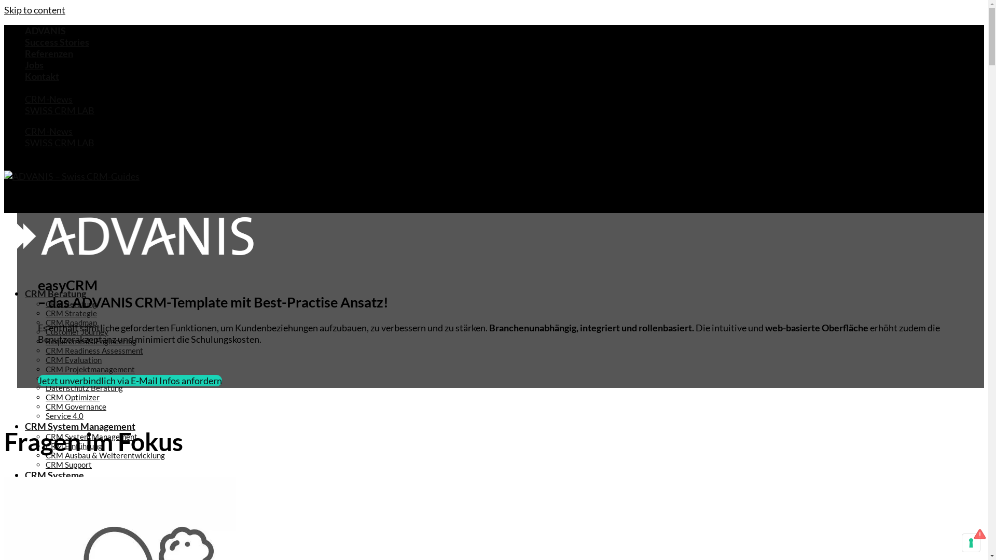 The image size is (996, 560). I want to click on 'CRM Beratung', so click(25, 293).